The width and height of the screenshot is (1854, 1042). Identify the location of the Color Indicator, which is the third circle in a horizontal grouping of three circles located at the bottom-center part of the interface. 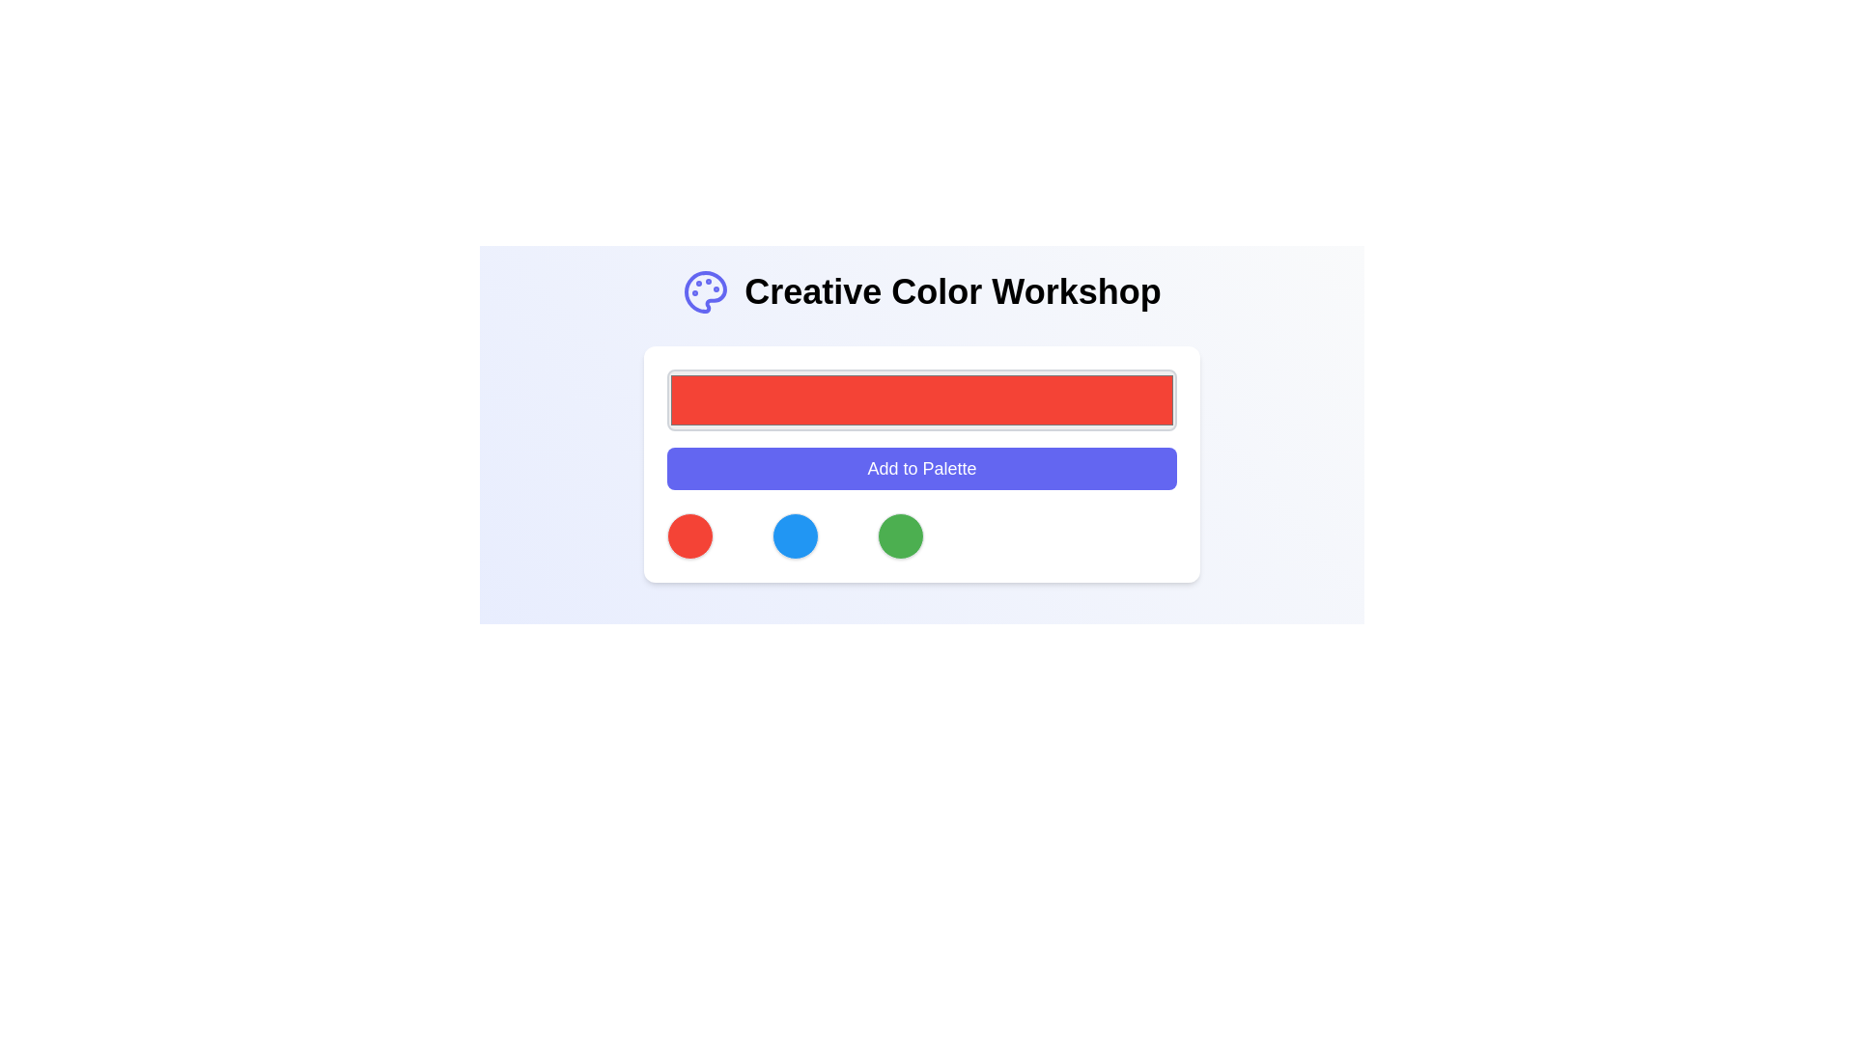
(899, 535).